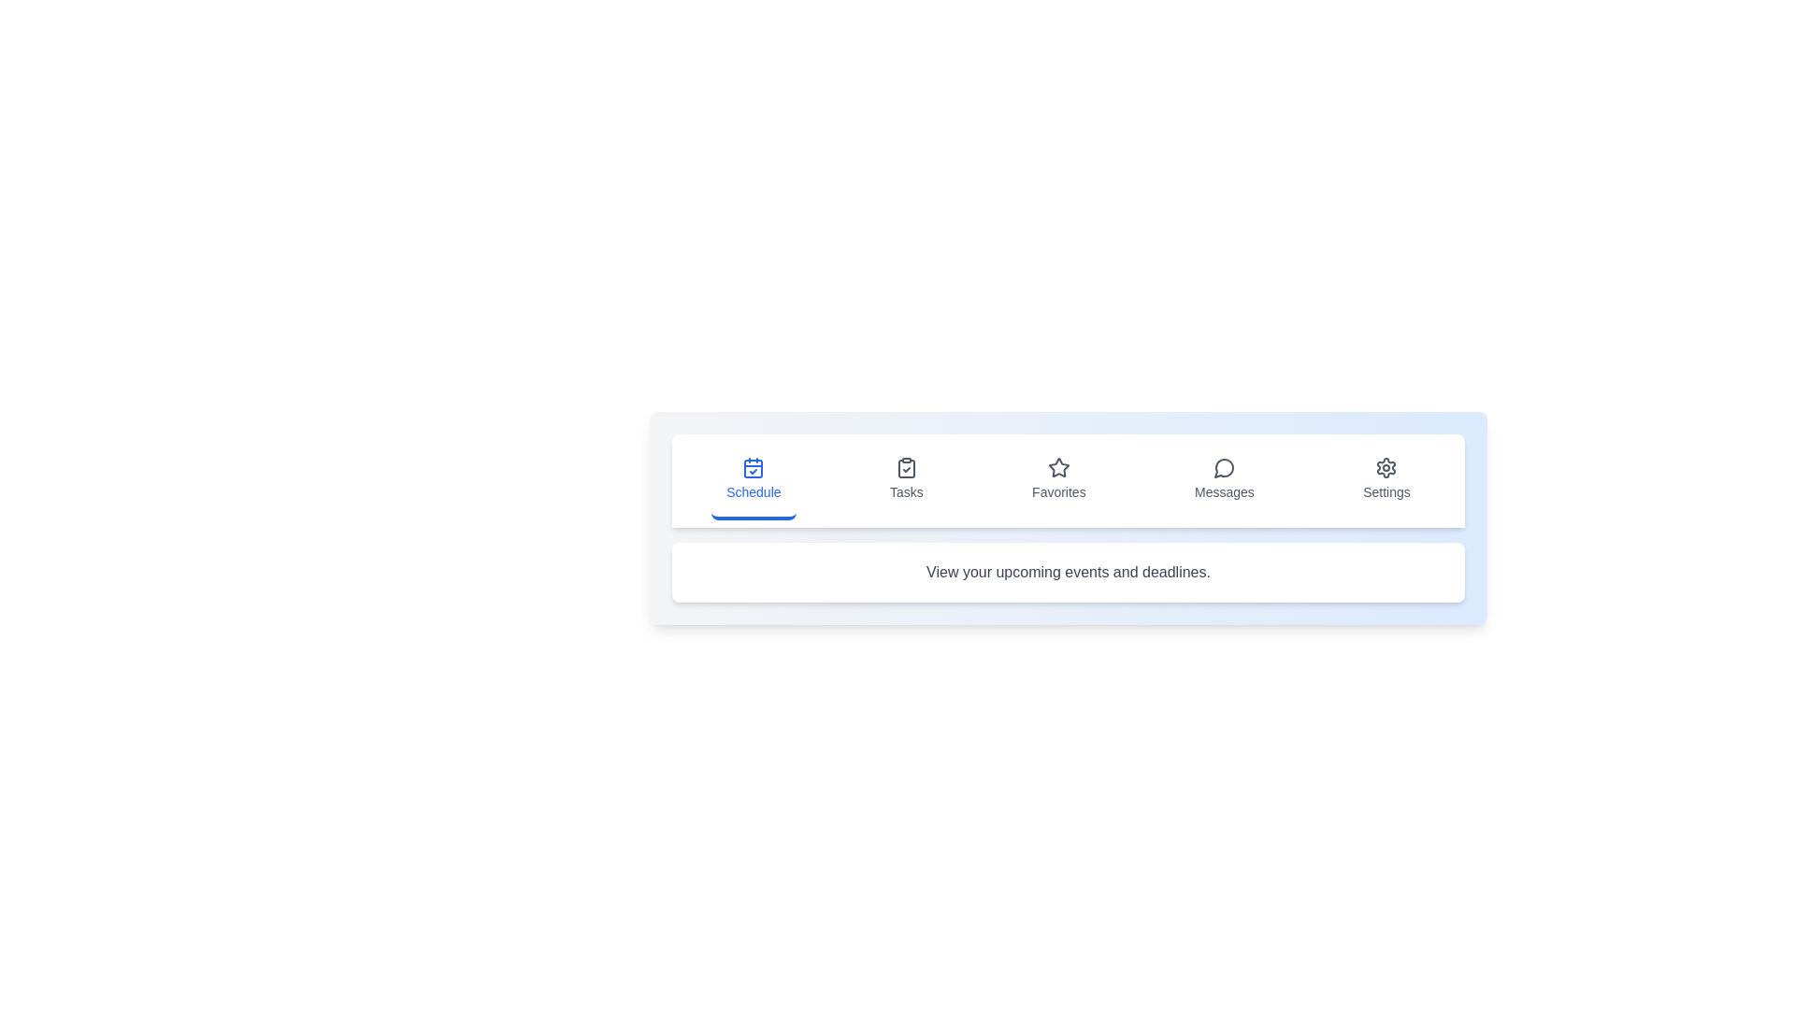 Image resolution: width=1795 pixels, height=1009 pixels. Describe the element at coordinates (1386, 480) in the screenshot. I see `the icon corresponding to Settings` at that location.